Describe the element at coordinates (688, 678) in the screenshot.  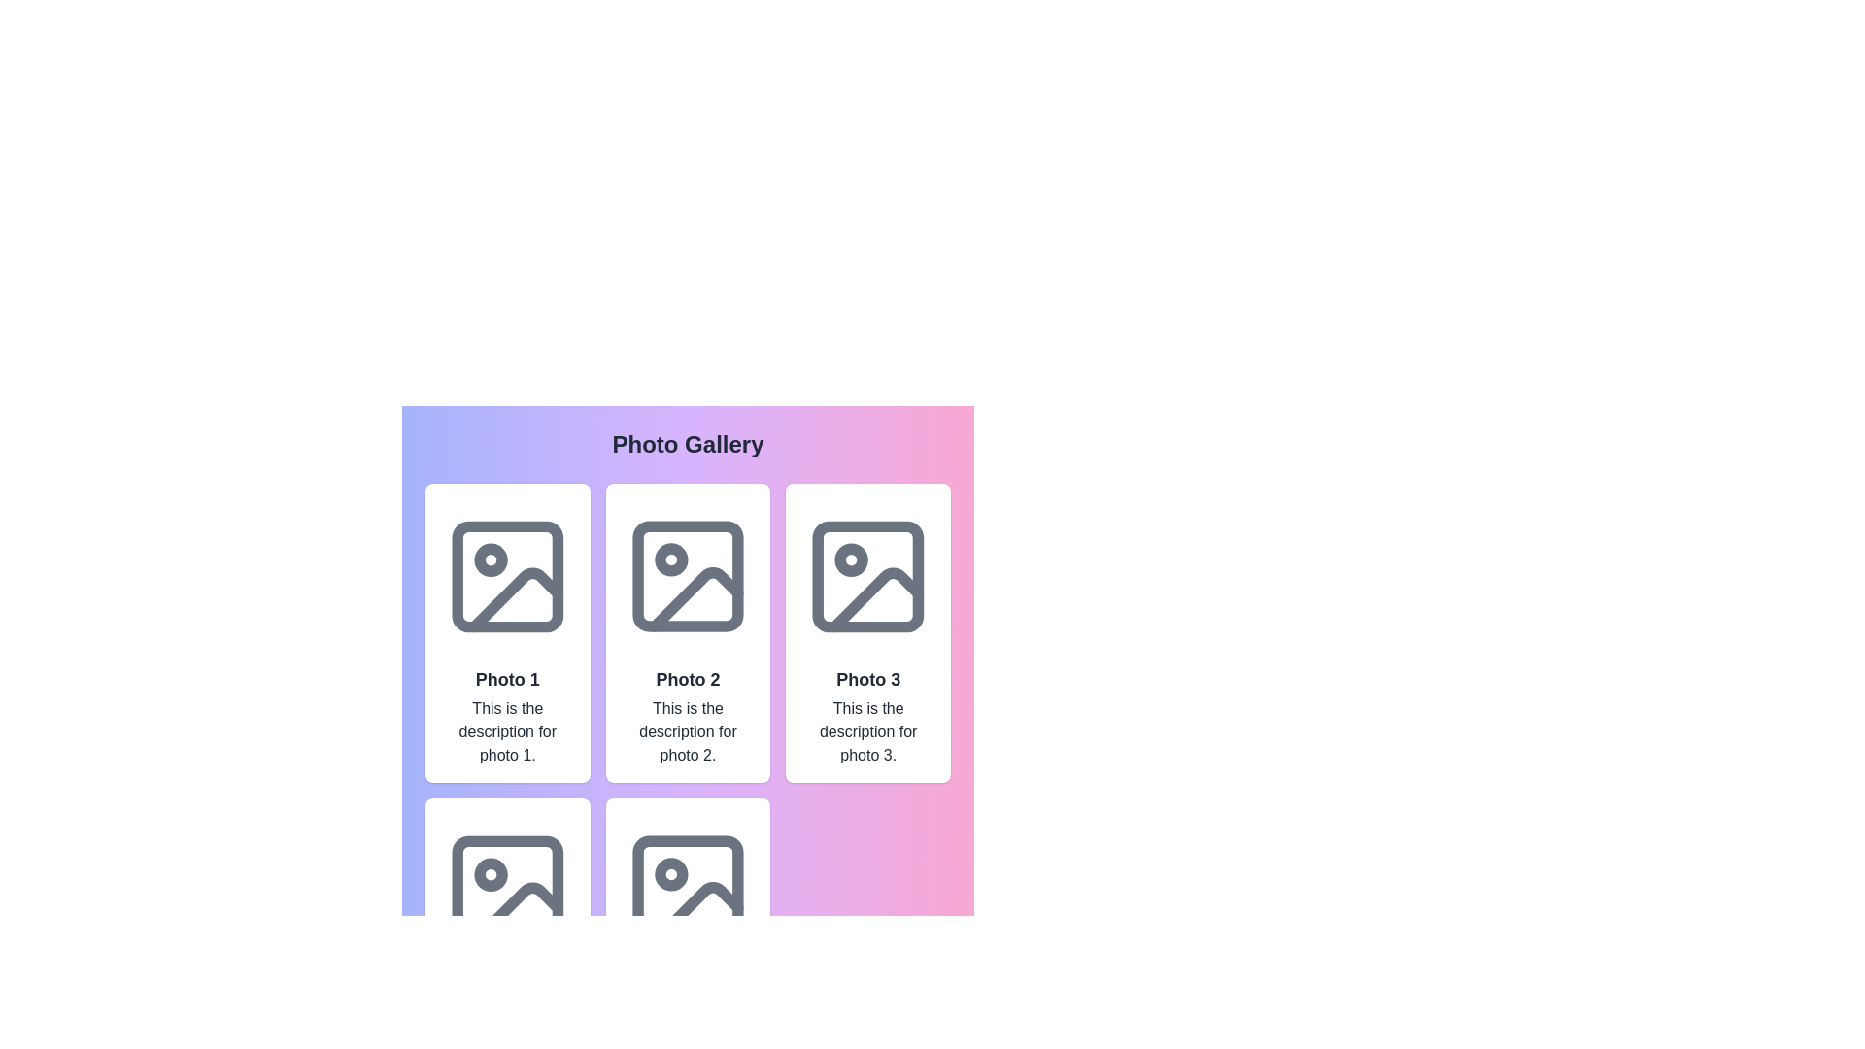
I see `the text label that displays 'Photo 2', which is prominently styled in bold and larger font size within the central card of a three-column photo gallery layout` at that location.